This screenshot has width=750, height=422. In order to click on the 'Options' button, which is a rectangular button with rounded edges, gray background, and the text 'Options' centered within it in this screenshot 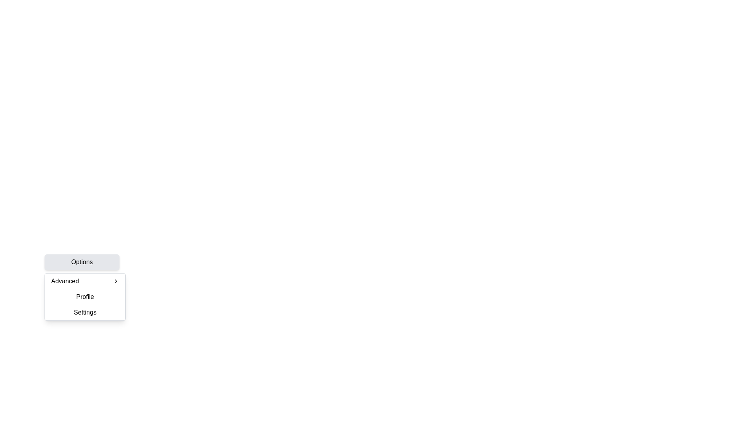, I will do `click(82, 262)`.